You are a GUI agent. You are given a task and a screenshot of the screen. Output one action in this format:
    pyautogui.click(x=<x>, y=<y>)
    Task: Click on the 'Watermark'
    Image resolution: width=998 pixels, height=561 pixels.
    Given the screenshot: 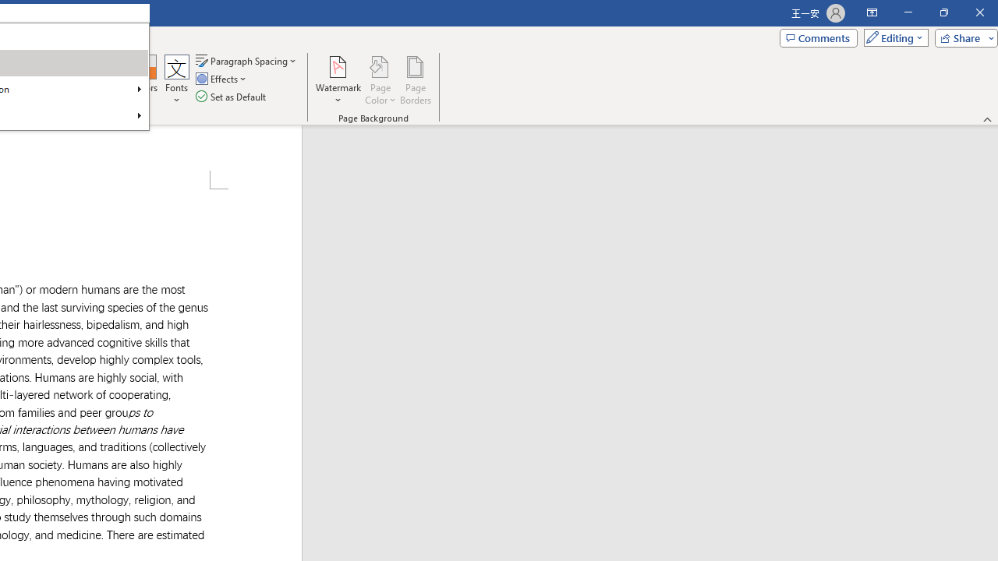 What is the action you would take?
    pyautogui.click(x=338, y=80)
    